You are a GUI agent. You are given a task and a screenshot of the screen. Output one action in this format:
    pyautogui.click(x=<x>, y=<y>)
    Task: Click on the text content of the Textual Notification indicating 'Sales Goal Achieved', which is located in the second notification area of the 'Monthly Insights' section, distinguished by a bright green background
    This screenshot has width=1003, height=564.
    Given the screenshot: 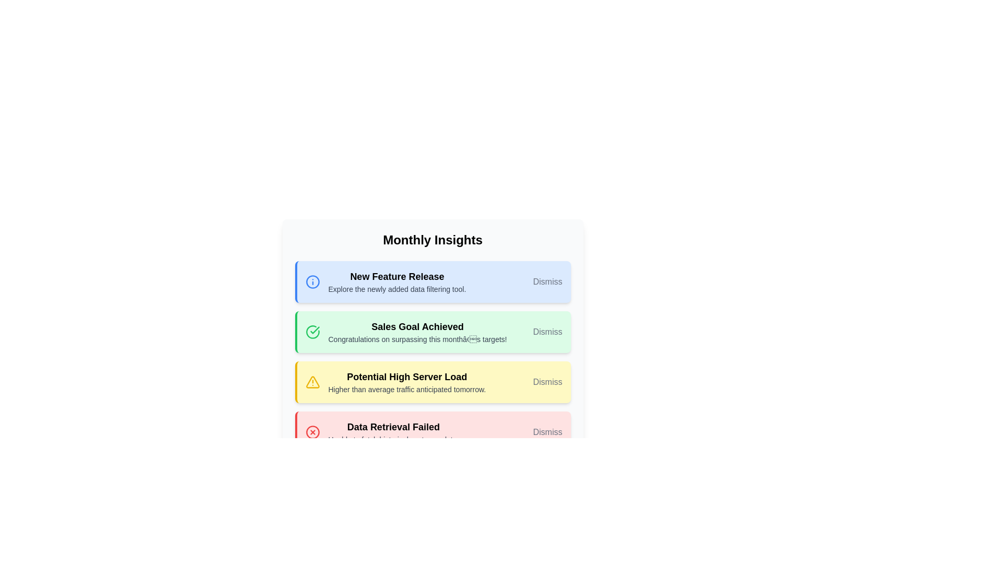 What is the action you would take?
    pyautogui.click(x=417, y=332)
    